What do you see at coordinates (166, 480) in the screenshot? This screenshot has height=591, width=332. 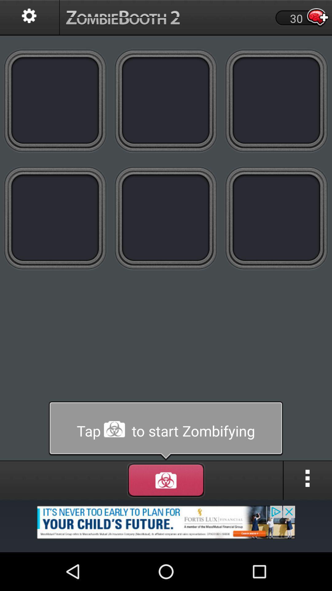 I see `icon which is below` at bounding box center [166, 480].